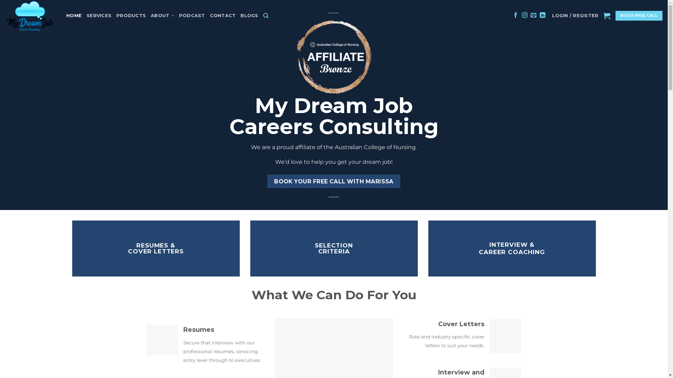 This screenshot has width=673, height=378. Describe the element at coordinates (131, 16) in the screenshot. I see `'PRODUCTS'` at that location.